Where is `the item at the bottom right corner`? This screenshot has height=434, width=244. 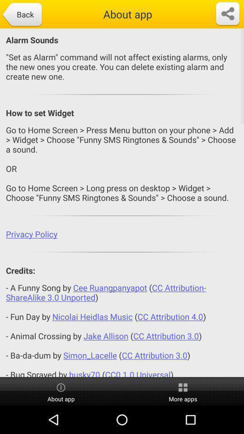 the item at the bottom right corner is located at coordinates (183, 391).